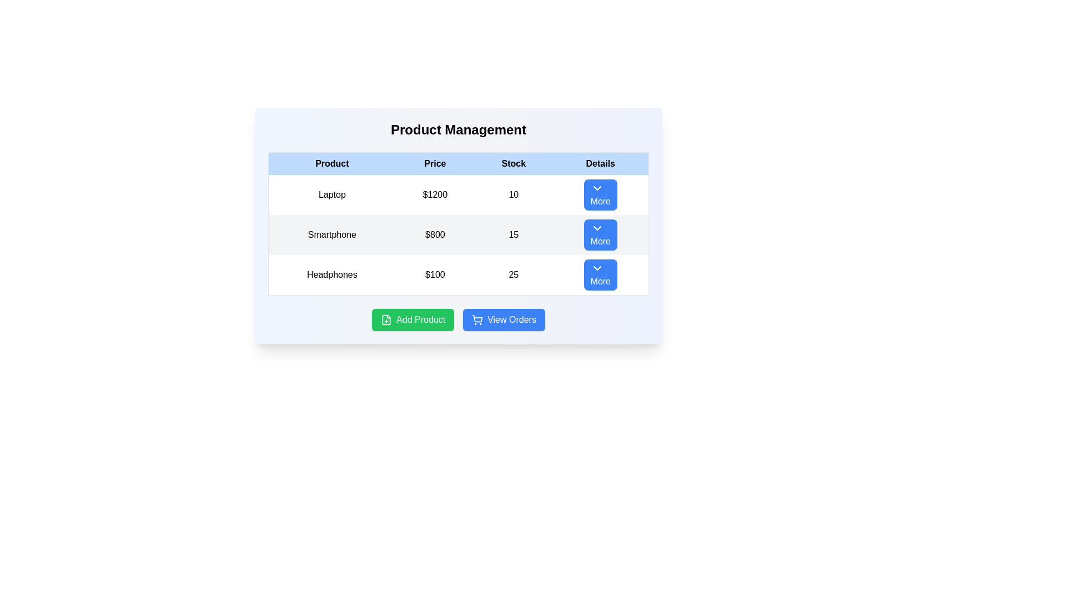 Image resolution: width=1066 pixels, height=600 pixels. Describe the element at coordinates (458, 129) in the screenshot. I see `the 'Product Management' text label, which serves as a header for the related section below` at that location.